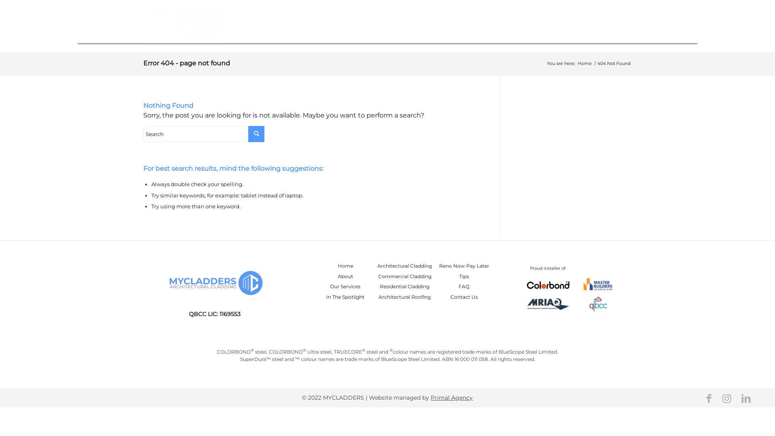 The height and width of the screenshot is (436, 775). What do you see at coordinates (464, 286) in the screenshot?
I see `'FAQ'` at bounding box center [464, 286].